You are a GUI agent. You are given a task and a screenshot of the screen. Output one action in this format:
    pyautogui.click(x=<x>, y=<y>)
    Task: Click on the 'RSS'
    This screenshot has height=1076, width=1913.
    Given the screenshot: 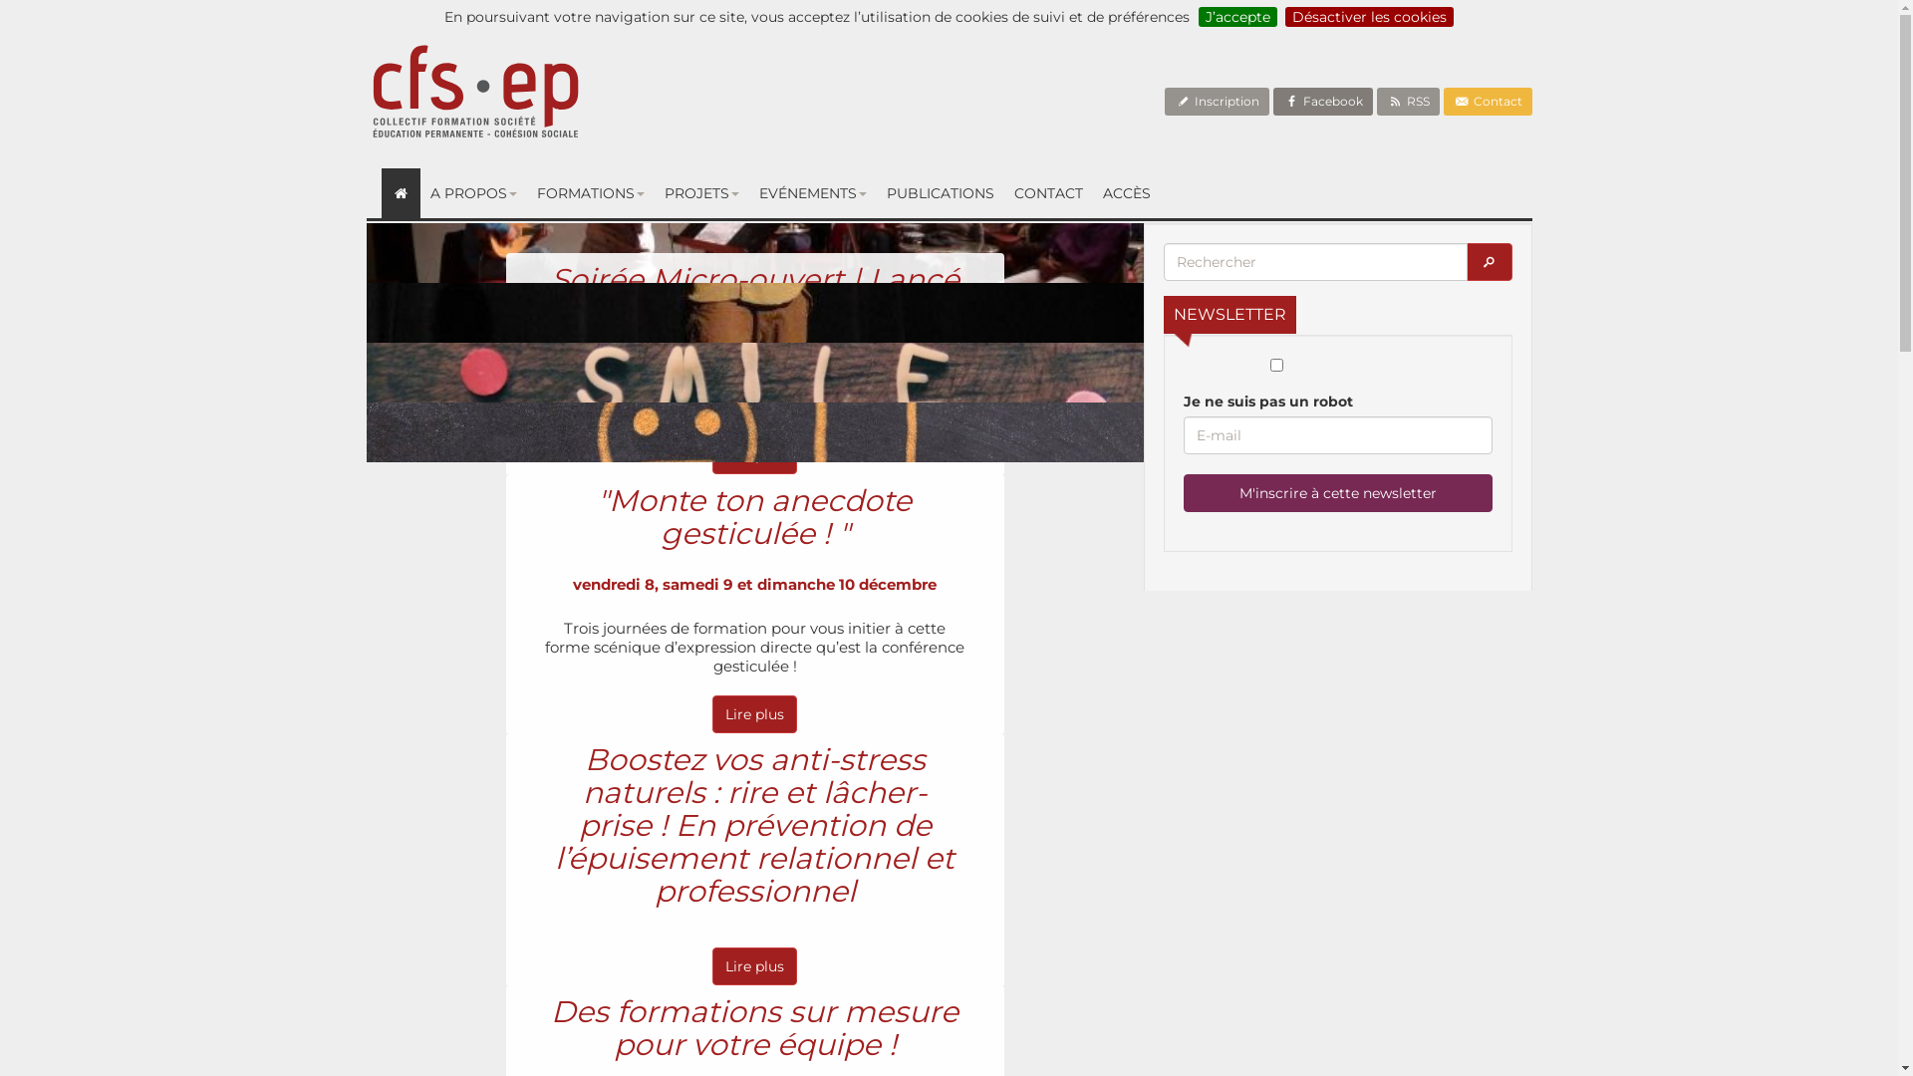 What is the action you would take?
    pyautogui.click(x=1407, y=101)
    